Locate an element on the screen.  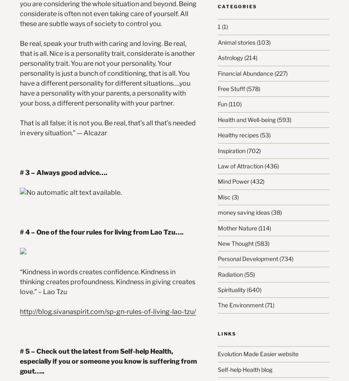
'Financial Abundance' is located at coordinates (245, 72).